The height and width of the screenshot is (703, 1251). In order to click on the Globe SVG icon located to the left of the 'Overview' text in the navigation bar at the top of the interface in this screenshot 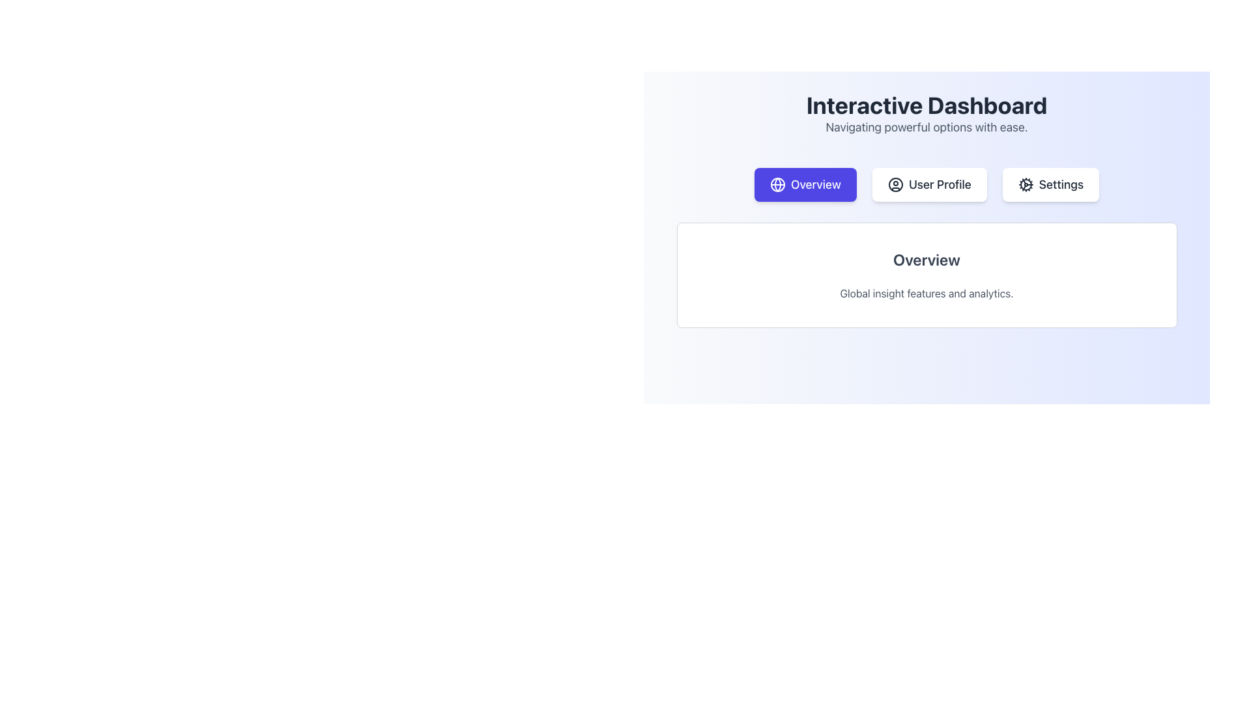, I will do `click(777, 185)`.